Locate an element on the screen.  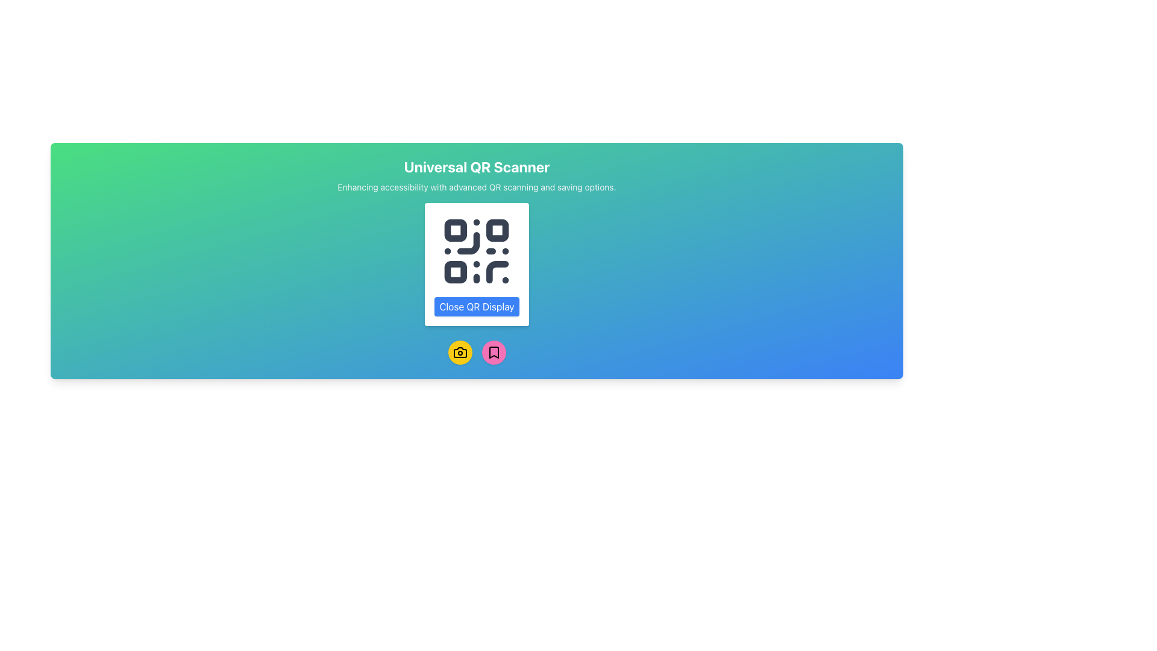
the camera icon located in the bottom section of the interface, positioned to the left of the bookmark icon is located at coordinates (459, 353).